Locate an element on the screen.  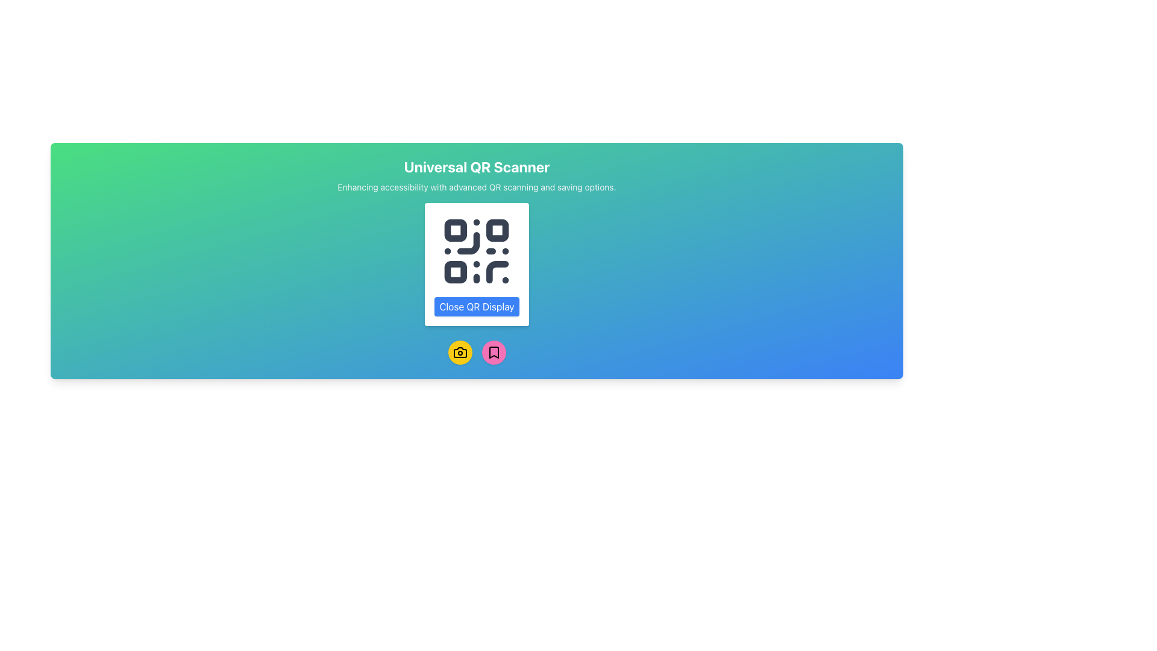
the camera icon located in the bottom section of the interface, positioned to the left of the bookmark icon is located at coordinates (459, 353).